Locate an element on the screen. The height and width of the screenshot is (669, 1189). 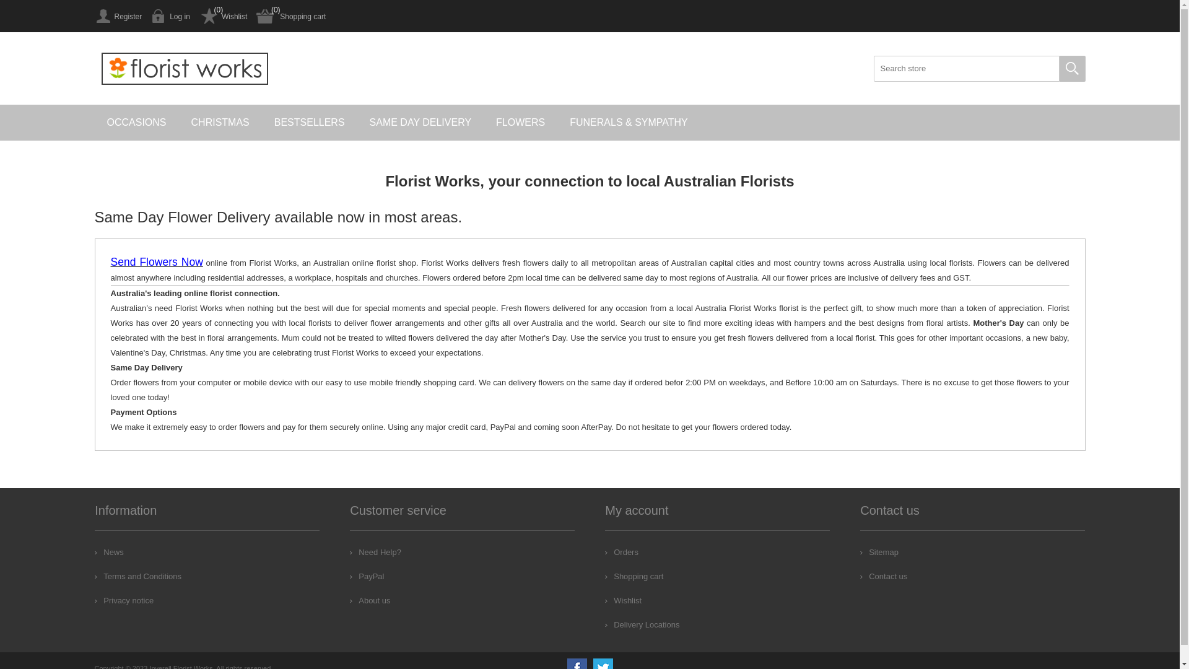
'Search' is located at coordinates (1071, 69).